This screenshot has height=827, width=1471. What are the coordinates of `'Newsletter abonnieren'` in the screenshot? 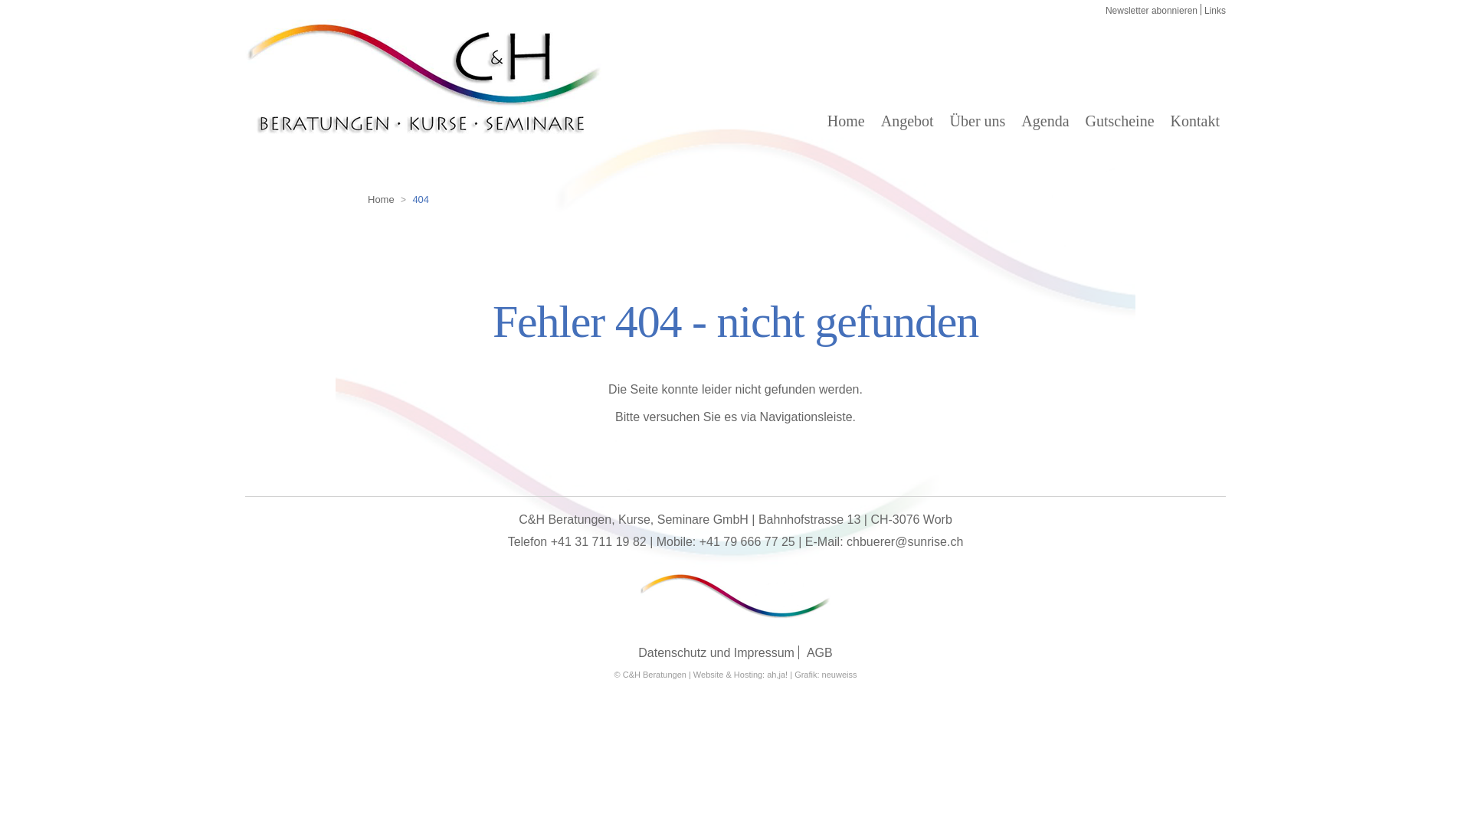 It's located at (1151, 11).